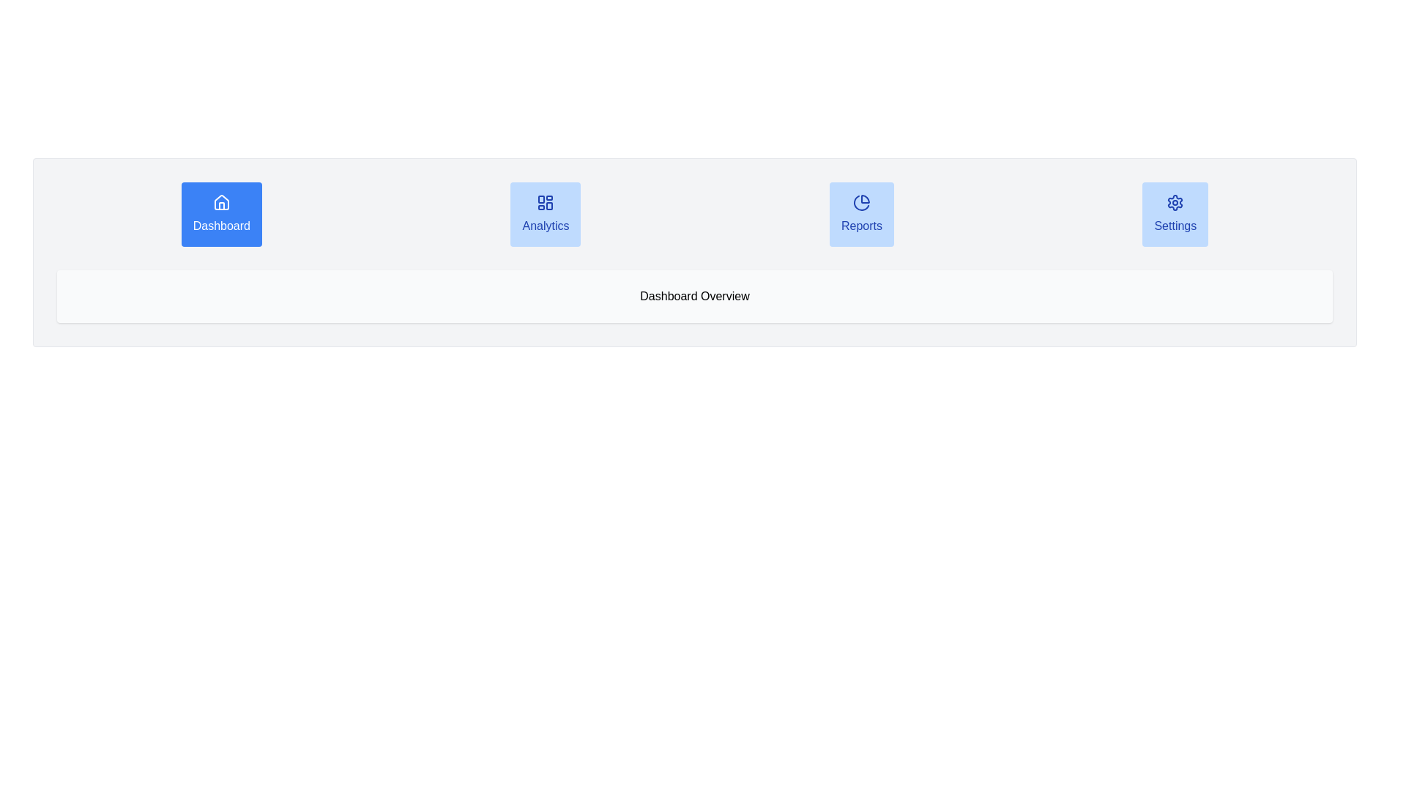 Image resolution: width=1406 pixels, height=791 pixels. Describe the element at coordinates (545, 203) in the screenshot. I see `the minimalist blue icon representing the 'Analytics' feature located at the top-center of the interface` at that location.